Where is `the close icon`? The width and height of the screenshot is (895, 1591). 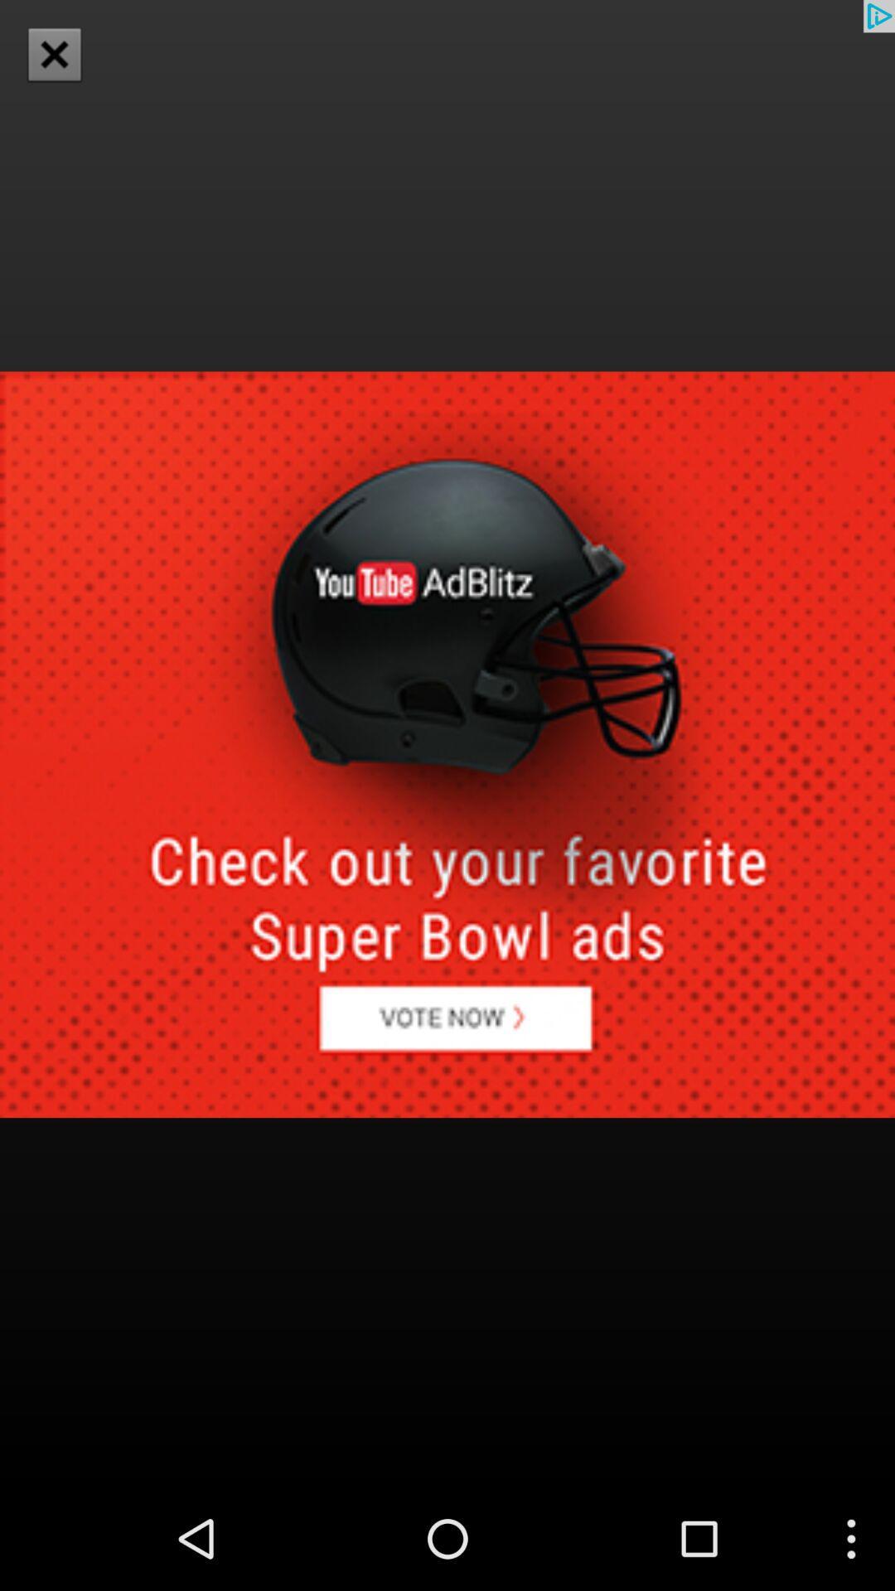 the close icon is located at coordinates (53, 58).